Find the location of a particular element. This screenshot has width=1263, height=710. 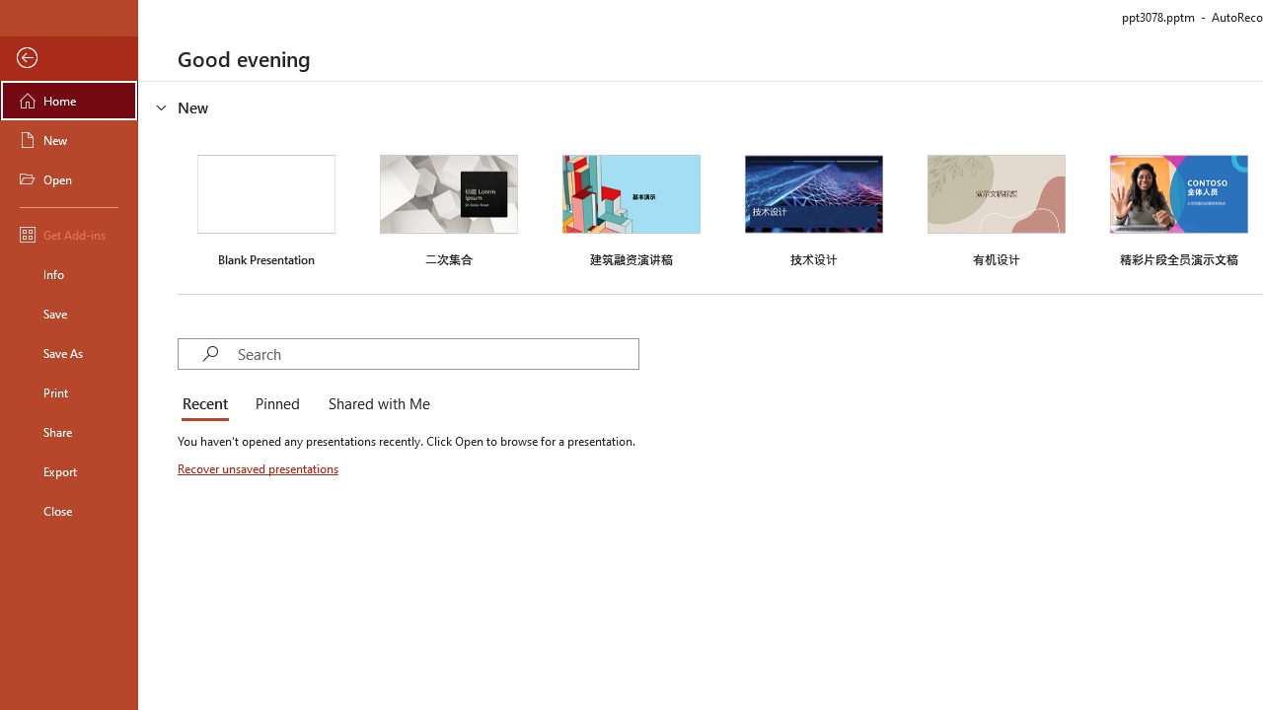

'Info' is located at coordinates (68, 273).